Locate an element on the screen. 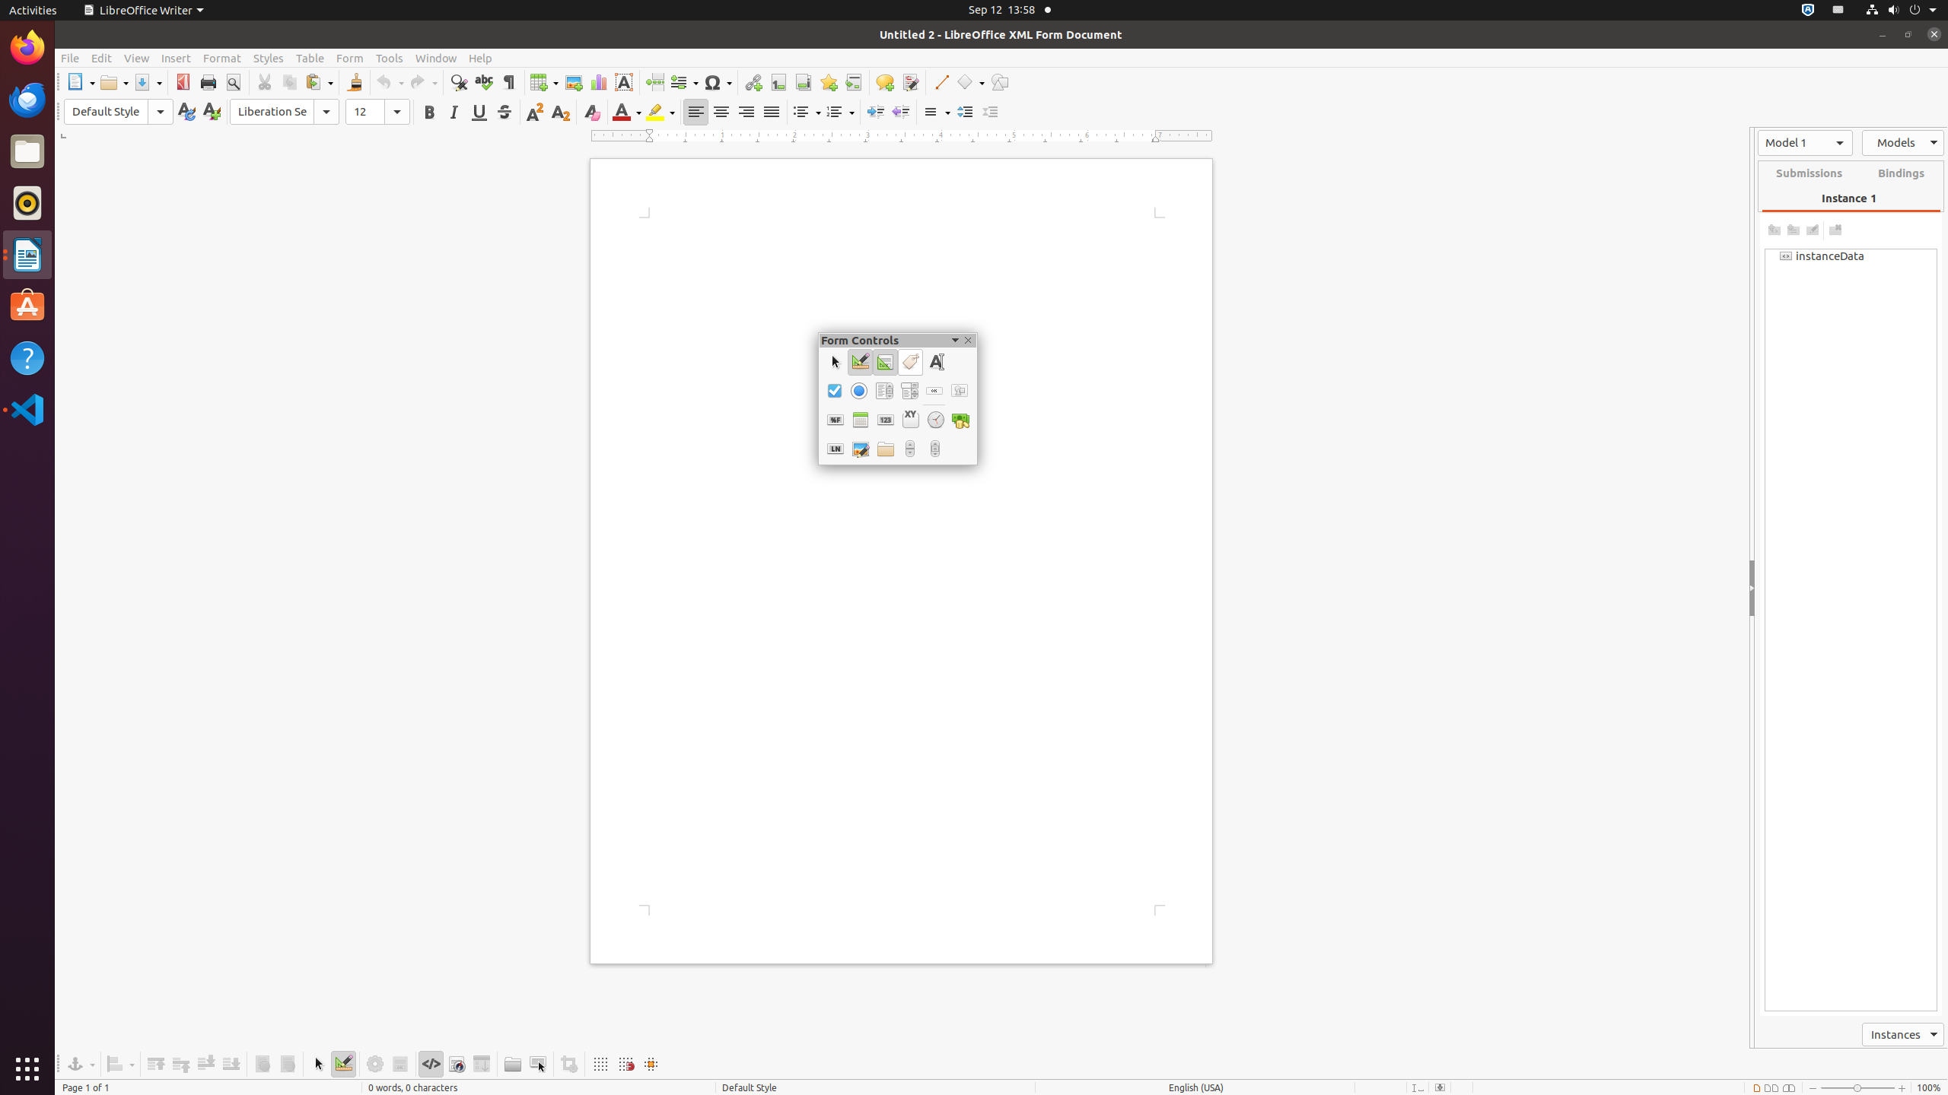 Image resolution: width=1948 pixels, height=1095 pixels. 'Push Button' is located at coordinates (934, 390).